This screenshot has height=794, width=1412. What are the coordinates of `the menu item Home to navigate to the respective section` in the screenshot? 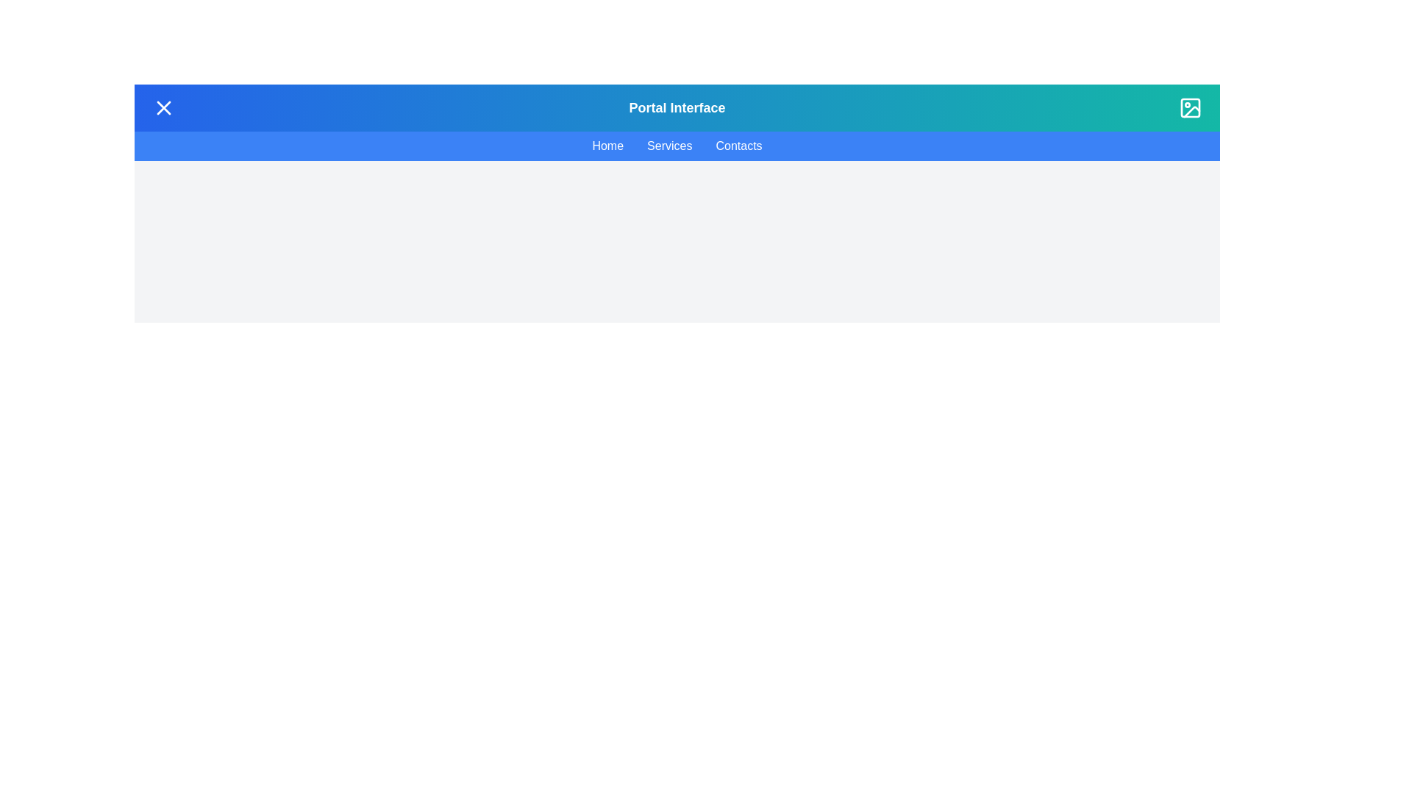 It's located at (607, 146).